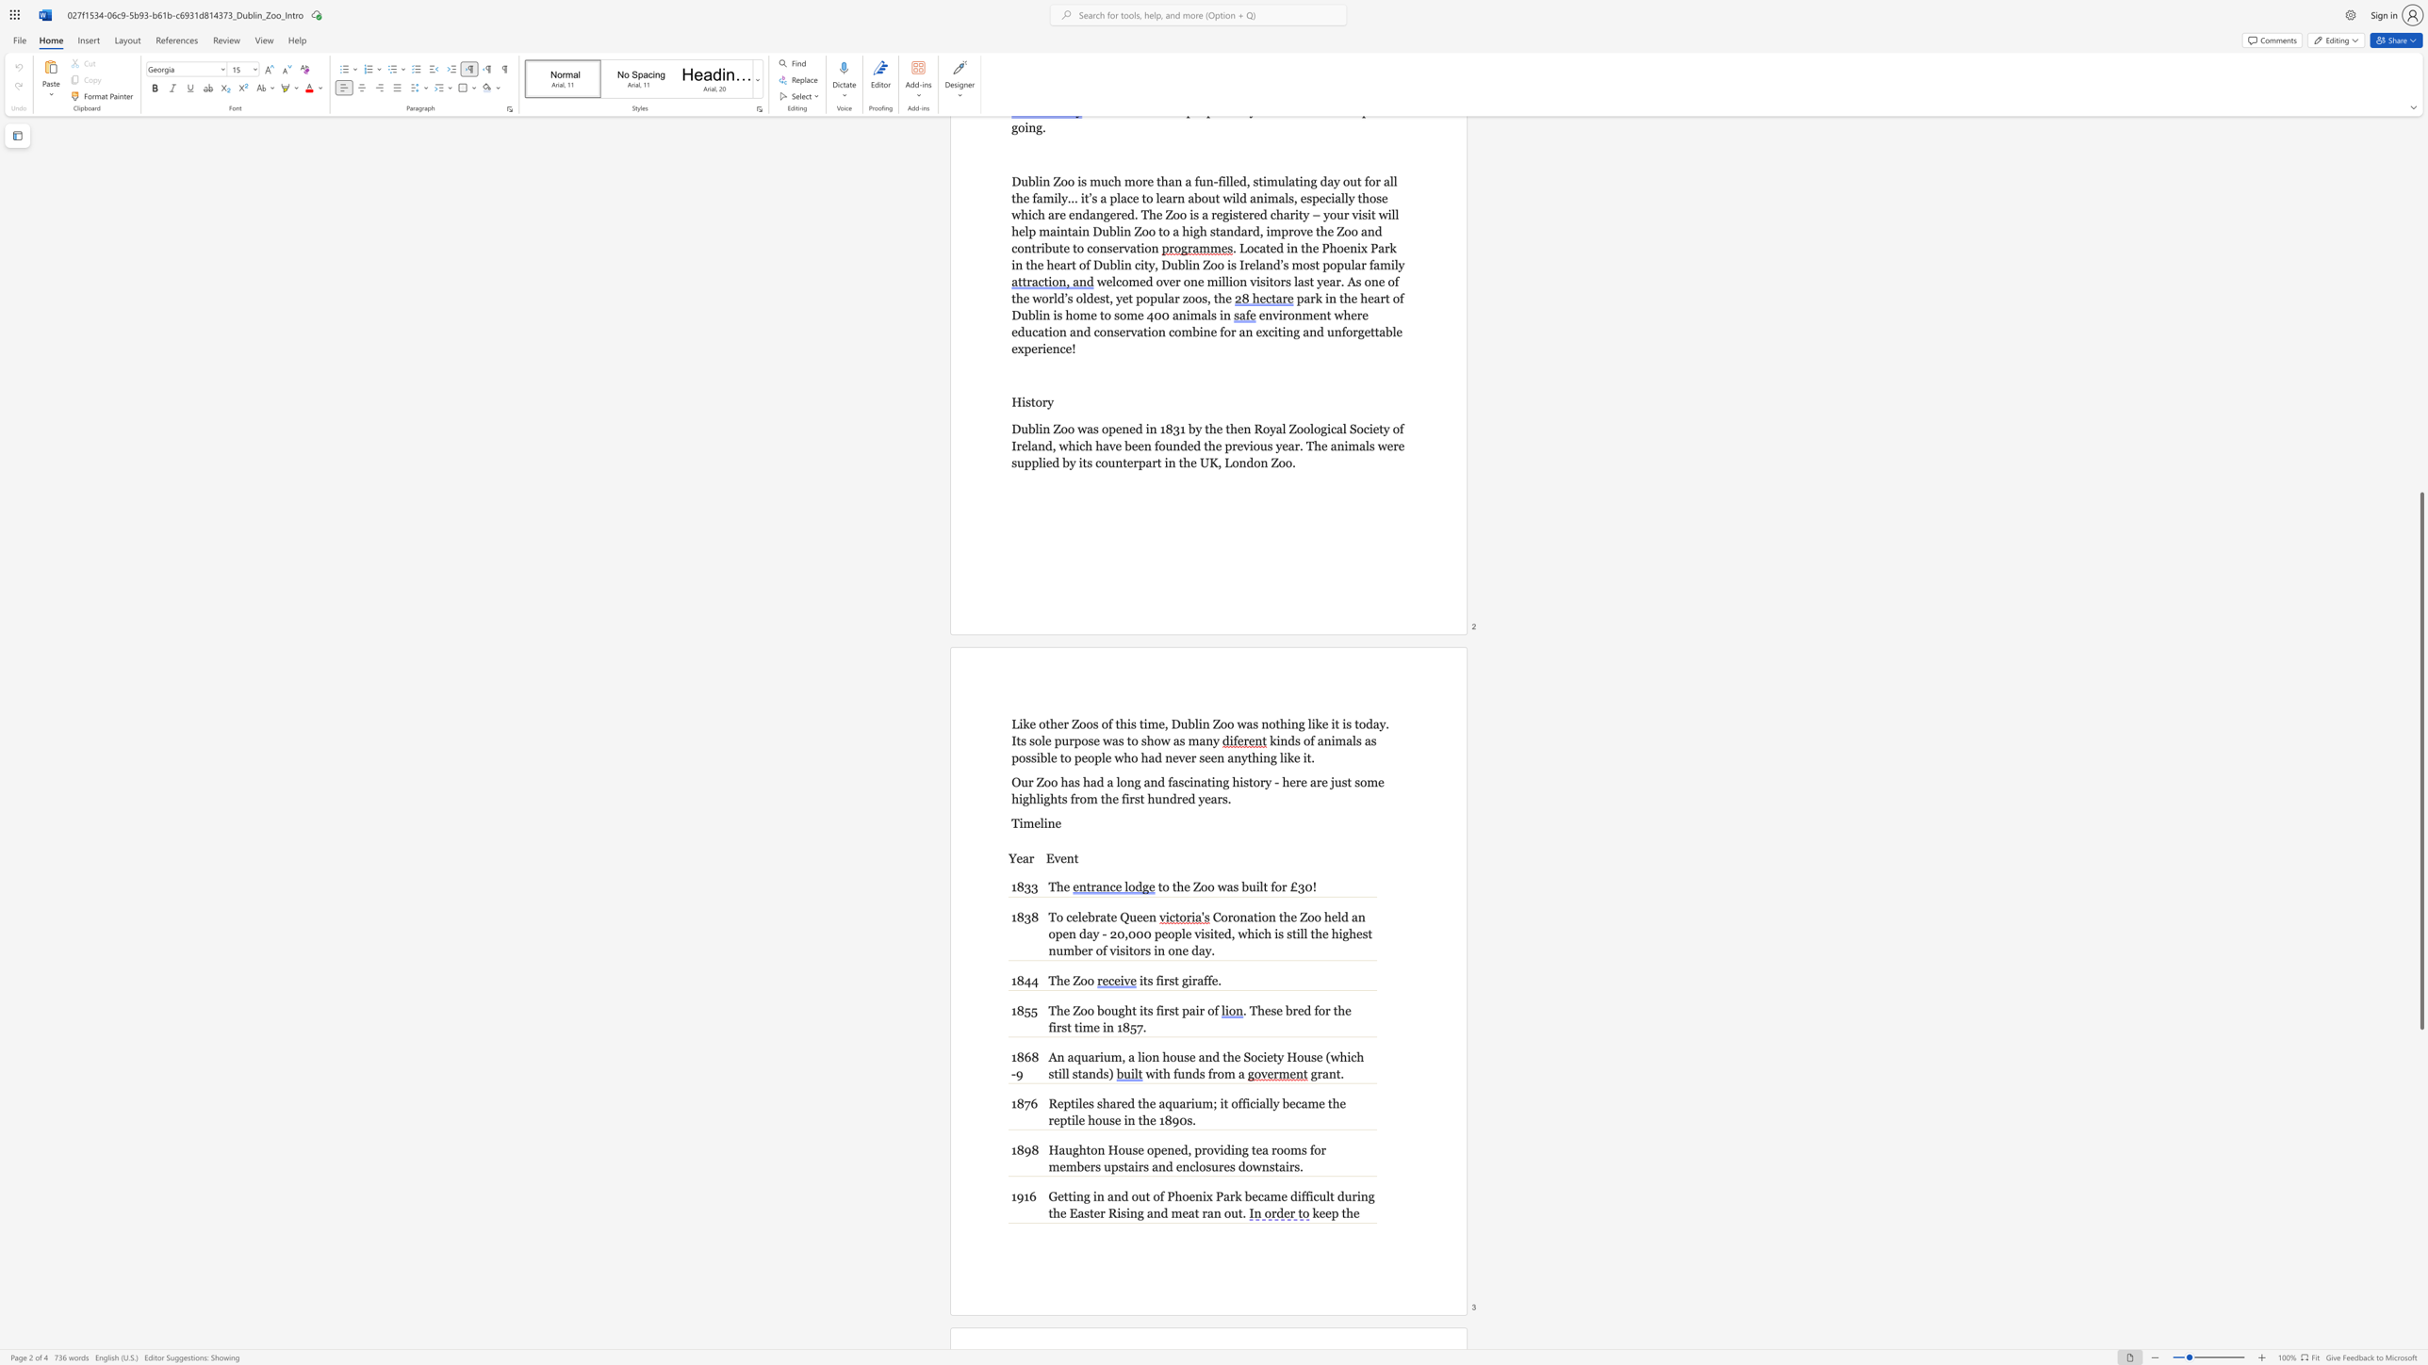  What do you see at coordinates (1331, 1212) in the screenshot?
I see `the subset text "p the" within the text "keep the"` at bounding box center [1331, 1212].